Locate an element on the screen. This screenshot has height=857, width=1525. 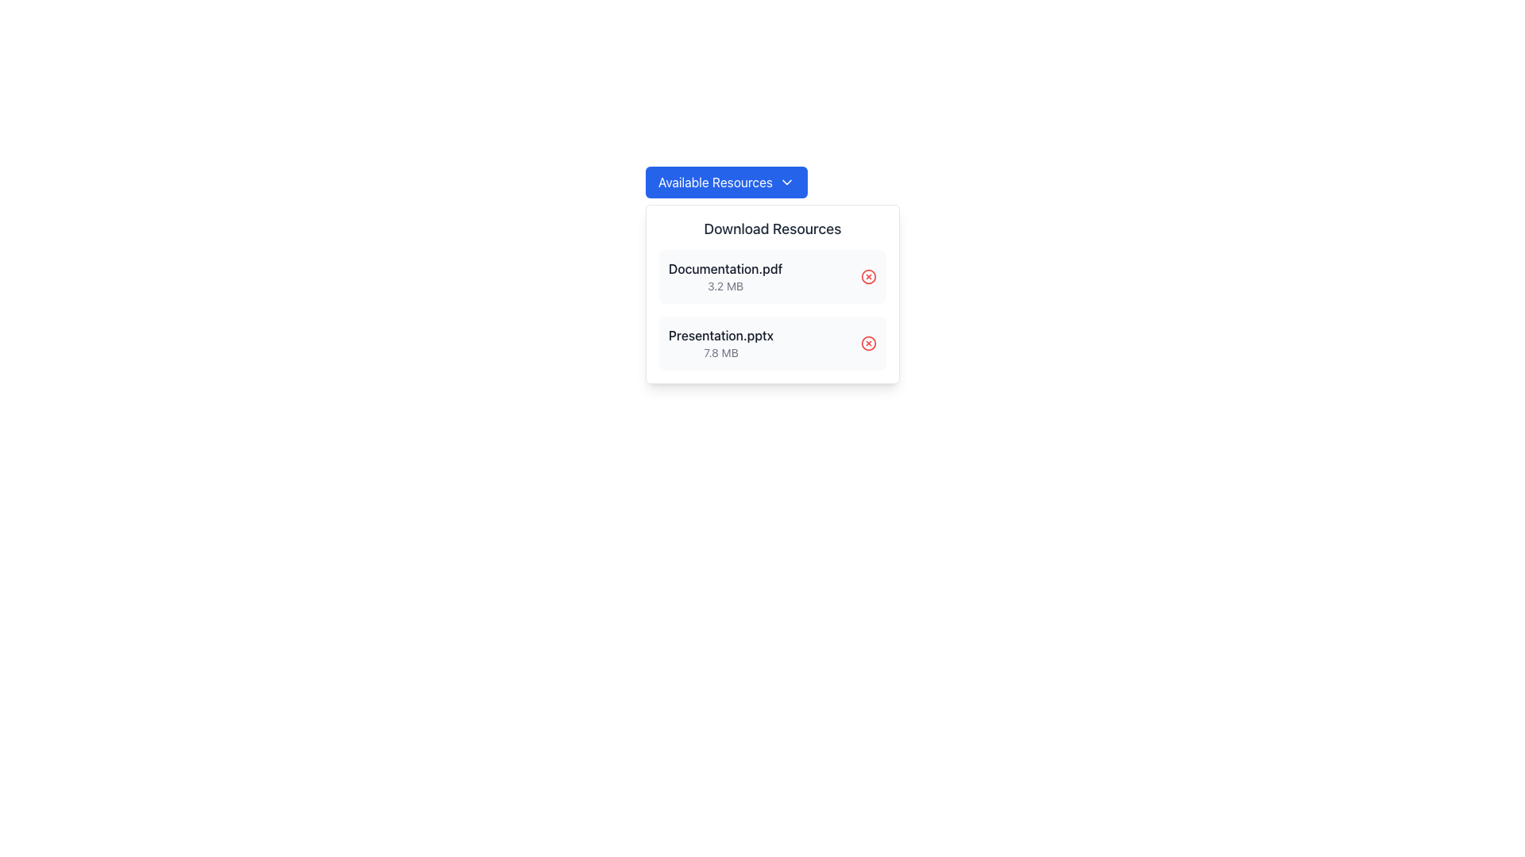
the file name 'Documentation.pdf' is located at coordinates (772, 294).